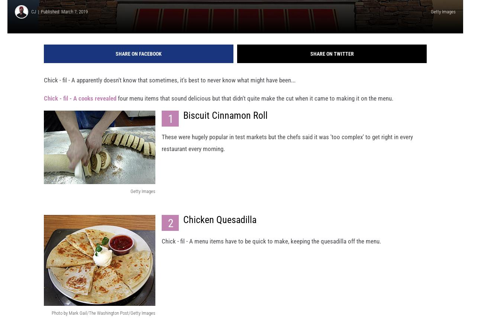 The width and height of the screenshot is (478, 327). What do you see at coordinates (225, 122) in the screenshot?
I see `'Biscuit Cinnamon Roll'` at bounding box center [225, 122].